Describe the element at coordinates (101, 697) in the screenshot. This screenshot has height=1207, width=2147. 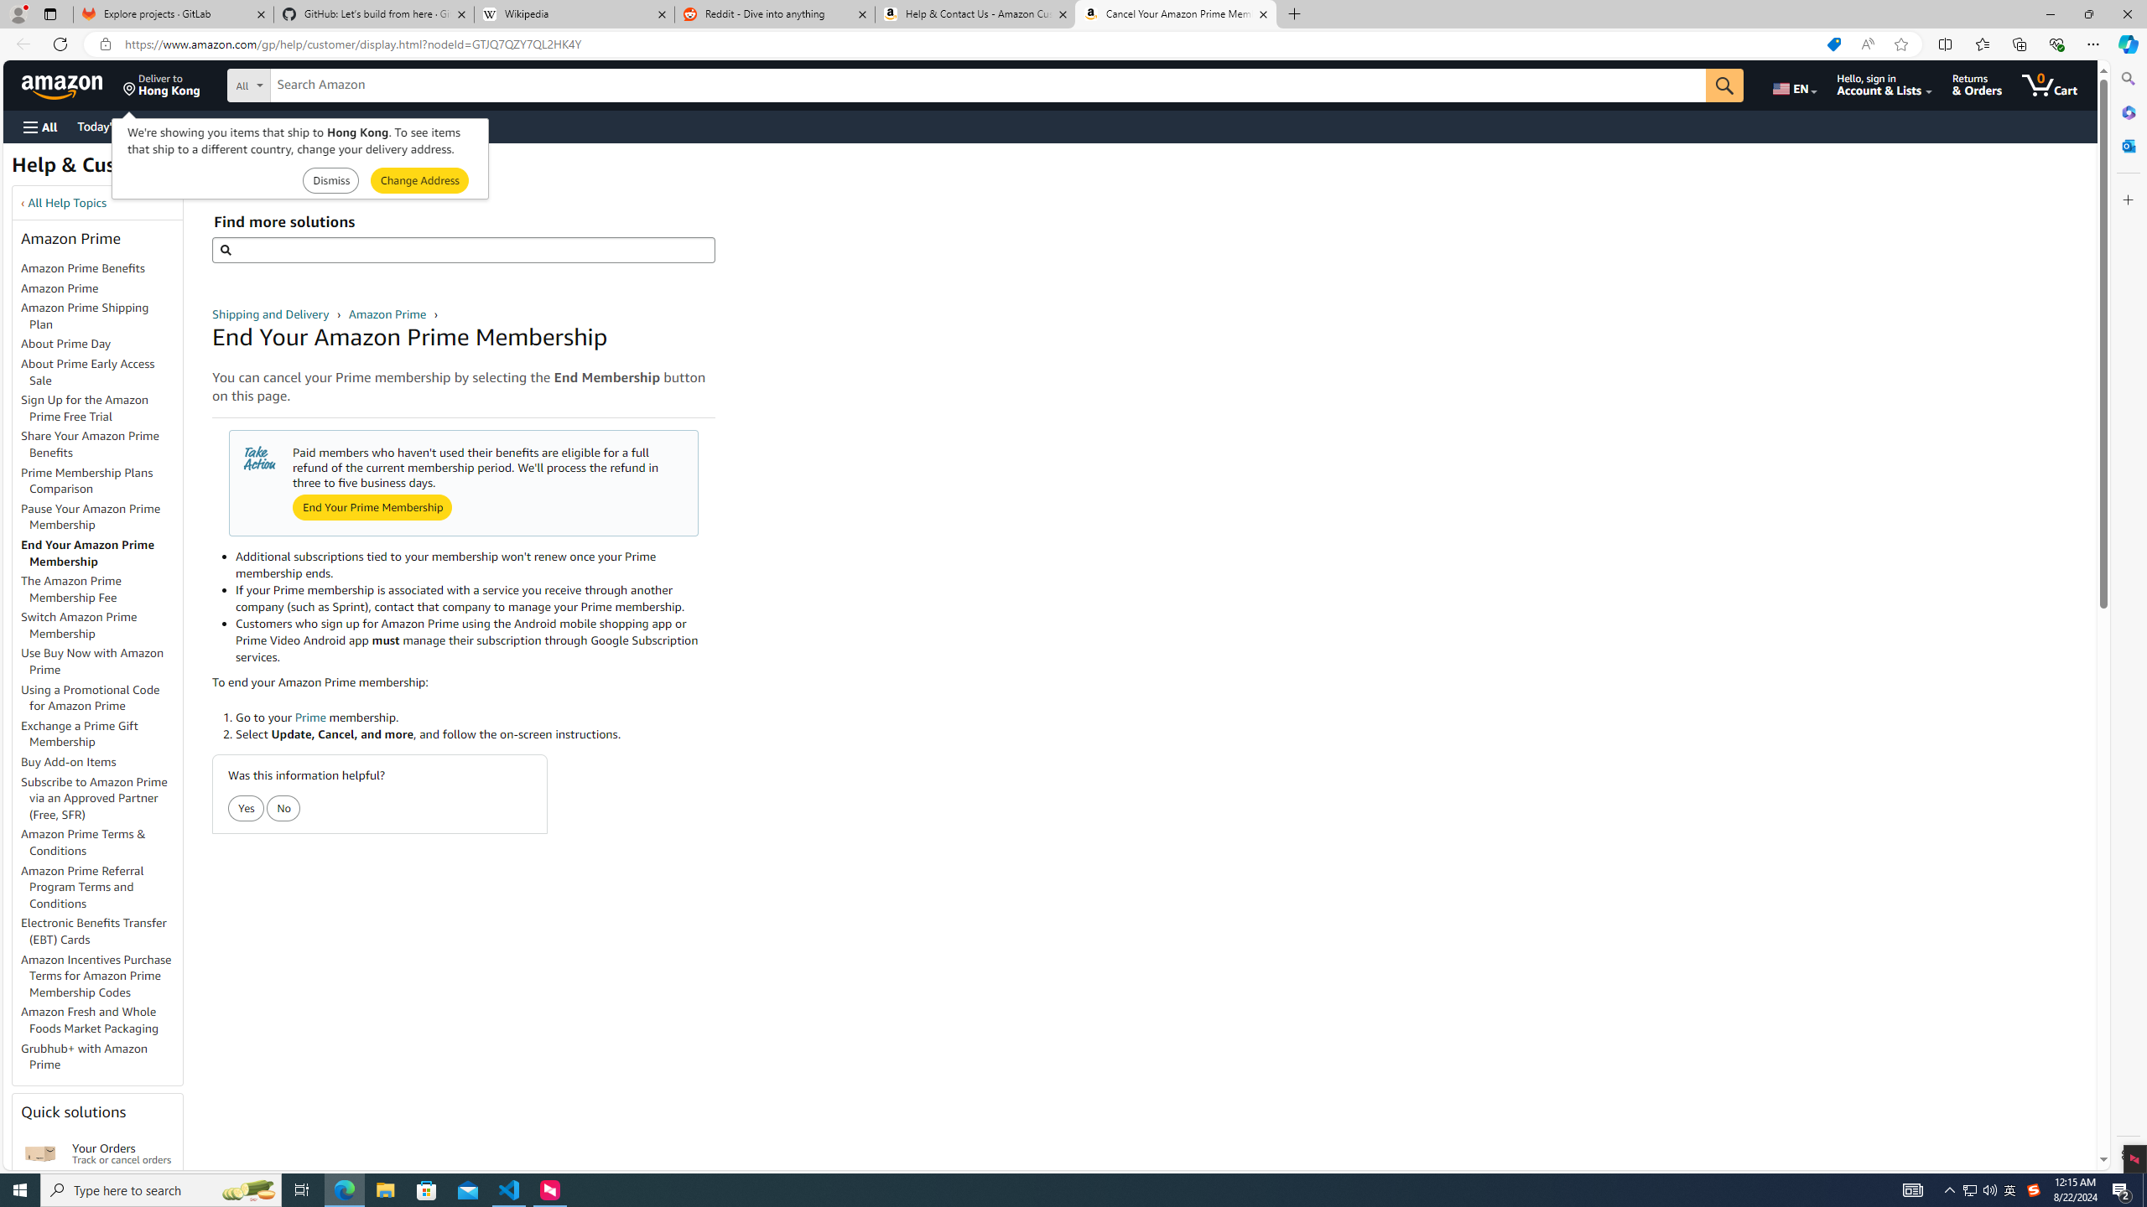
I see `'Using a Promotional Code for Amazon Prime'` at that location.